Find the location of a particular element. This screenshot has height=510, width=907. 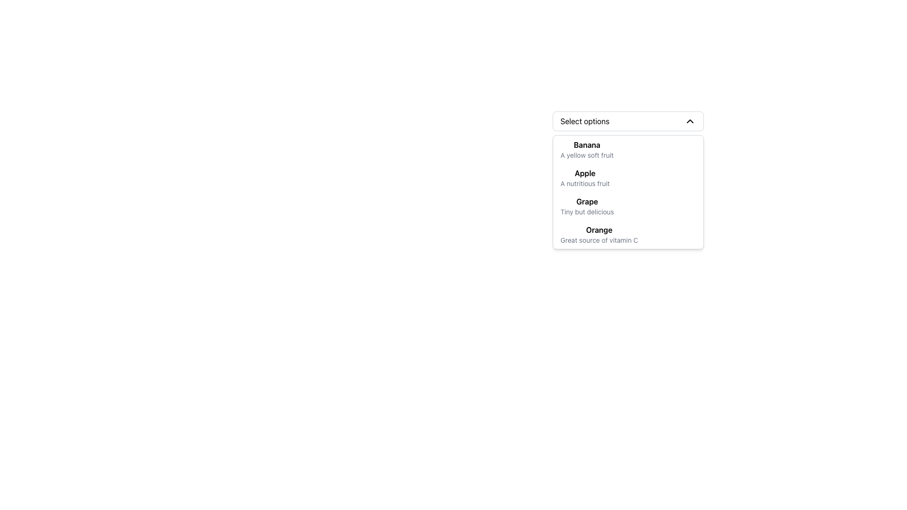

text label indicating the name of the item 'Orange' in the dropdown list, which is styled in bold and positioned above the description 'Great source of vitamin C' is located at coordinates (599, 229).